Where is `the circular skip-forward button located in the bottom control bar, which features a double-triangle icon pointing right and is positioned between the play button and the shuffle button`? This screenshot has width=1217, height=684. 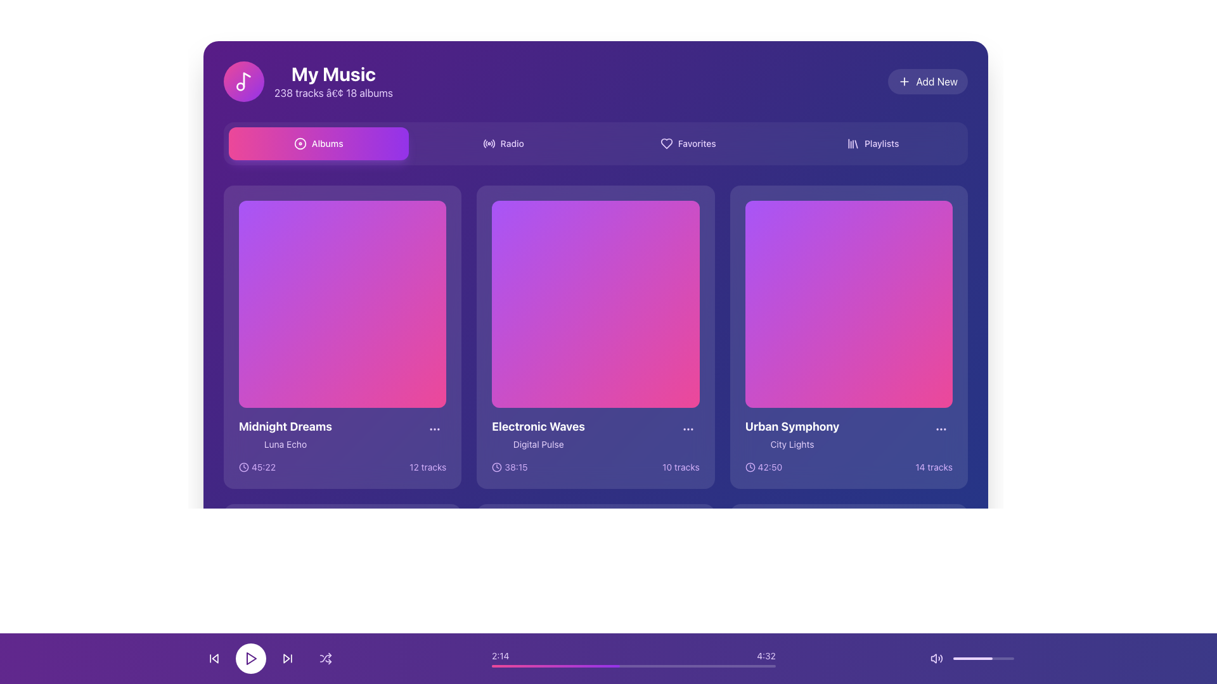 the circular skip-forward button located in the bottom control bar, which features a double-triangle icon pointing right and is positioned between the play button and the shuffle button is located at coordinates (287, 658).